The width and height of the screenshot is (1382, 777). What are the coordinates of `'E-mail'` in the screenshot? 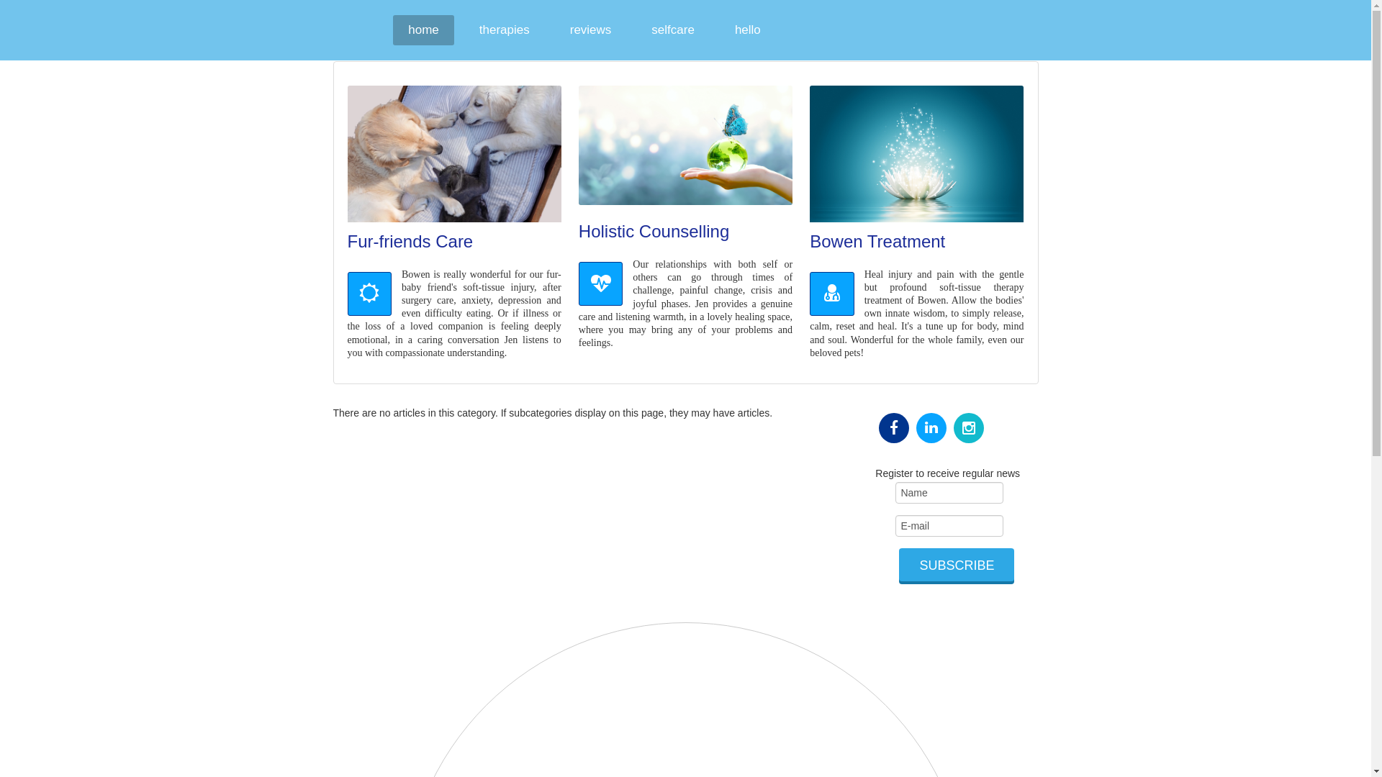 It's located at (949, 526).